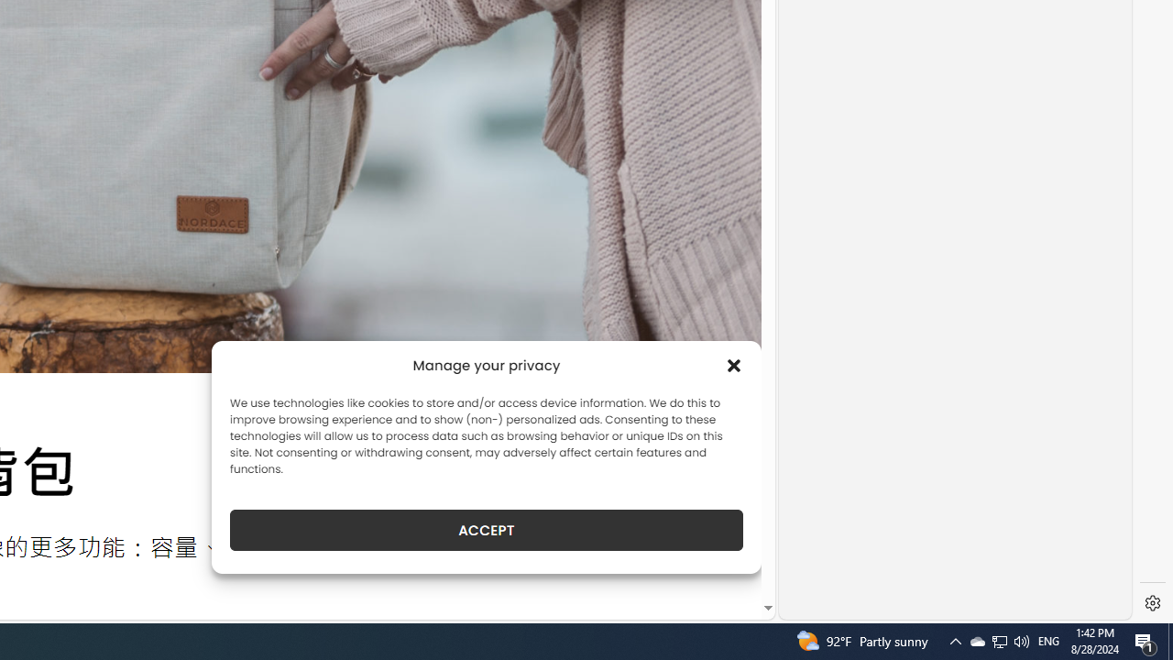 The width and height of the screenshot is (1173, 660). I want to click on 'Settings', so click(1152, 603).